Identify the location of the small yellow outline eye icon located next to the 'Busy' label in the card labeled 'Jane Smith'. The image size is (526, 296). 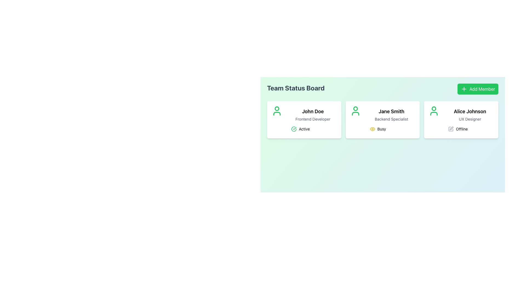
(372, 129).